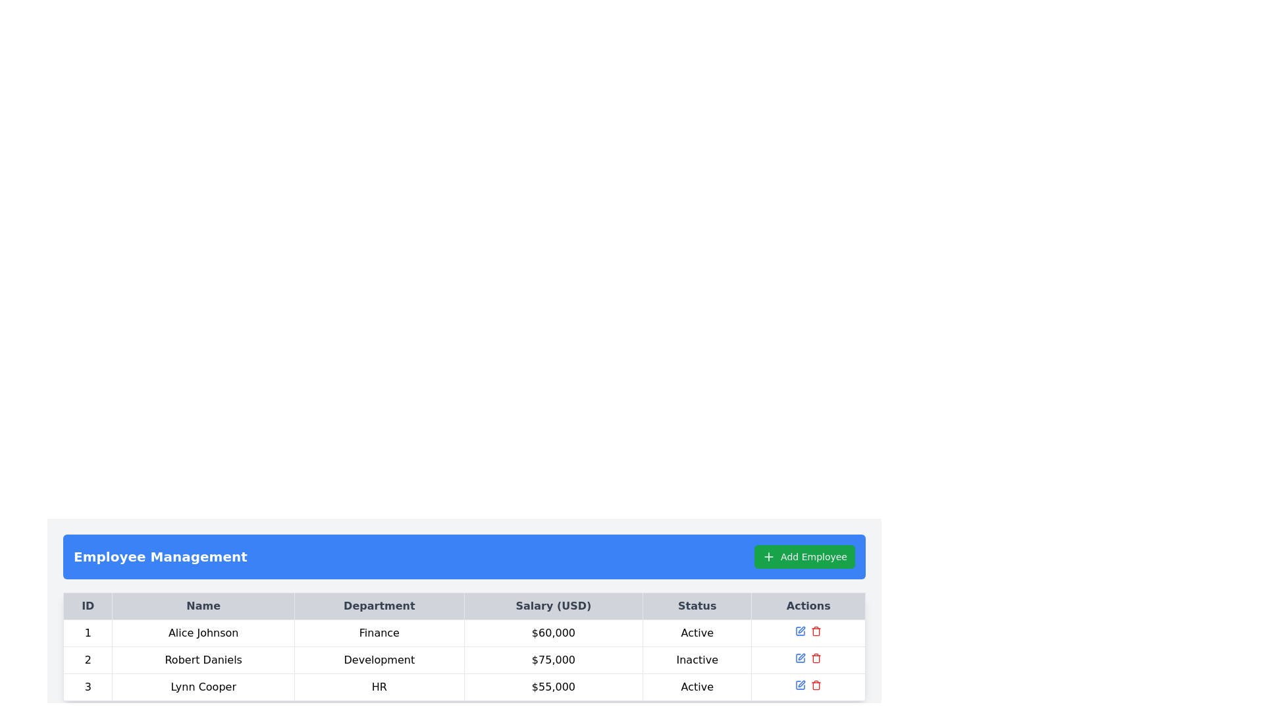 The width and height of the screenshot is (1264, 711). I want to click on the text display in the first row and first column of the table that represents the entry ID for Alice Johnson, so click(87, 632).